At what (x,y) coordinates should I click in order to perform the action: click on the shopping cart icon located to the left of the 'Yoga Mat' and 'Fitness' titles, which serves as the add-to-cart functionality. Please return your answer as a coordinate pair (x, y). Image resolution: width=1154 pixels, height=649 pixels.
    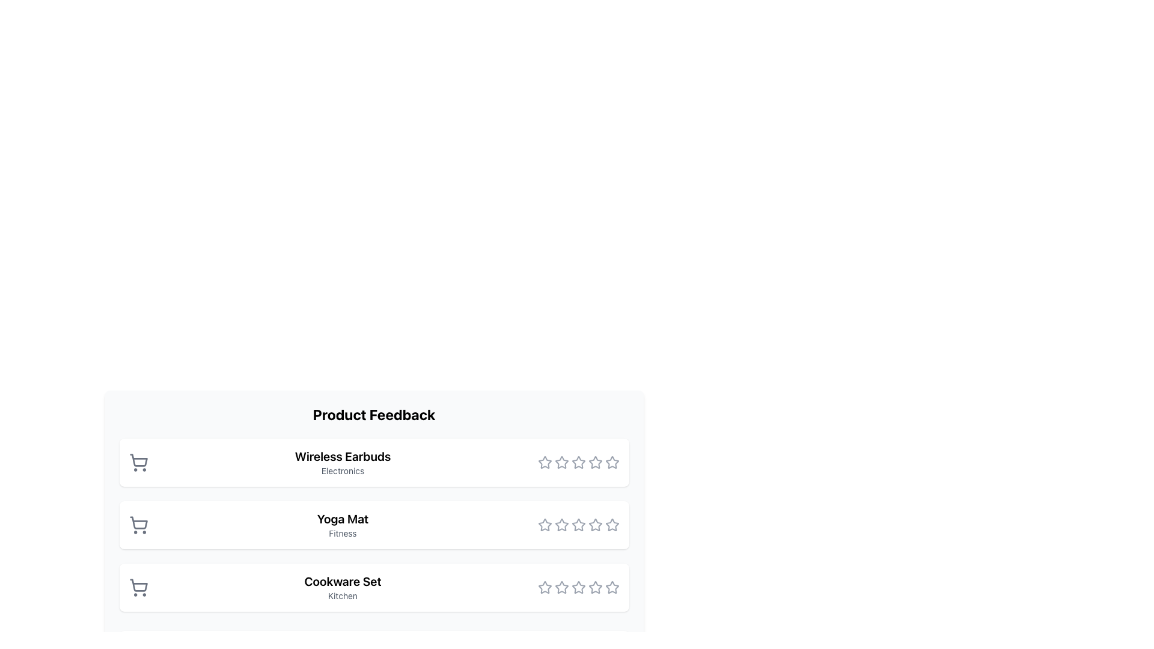
    Looking at the image, I should click on (138, 525).